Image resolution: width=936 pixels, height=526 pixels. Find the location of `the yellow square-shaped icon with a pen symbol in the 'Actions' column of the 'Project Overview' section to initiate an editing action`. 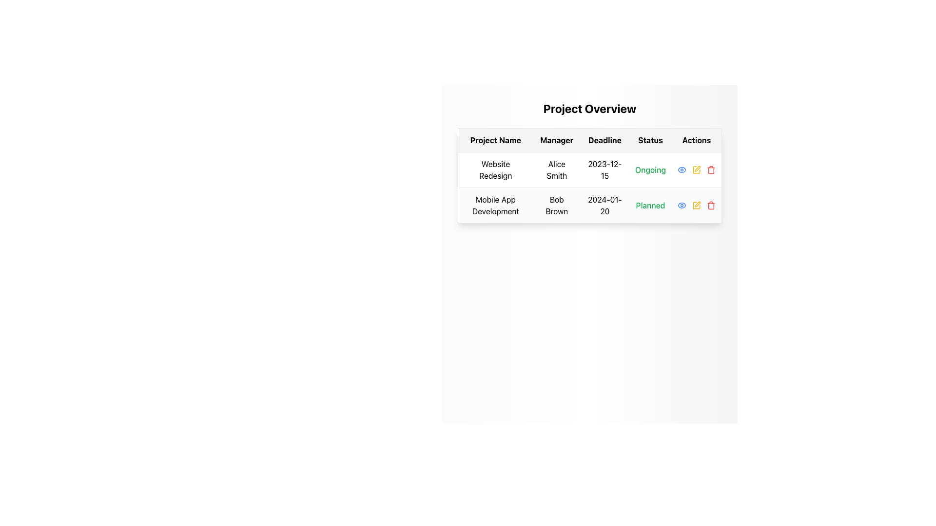

the yellow square-shaped icon with a pen symbol in the 'Actions' column of the 'Project Overview' section to initiate an editing action is located at coordinates (696, 169).